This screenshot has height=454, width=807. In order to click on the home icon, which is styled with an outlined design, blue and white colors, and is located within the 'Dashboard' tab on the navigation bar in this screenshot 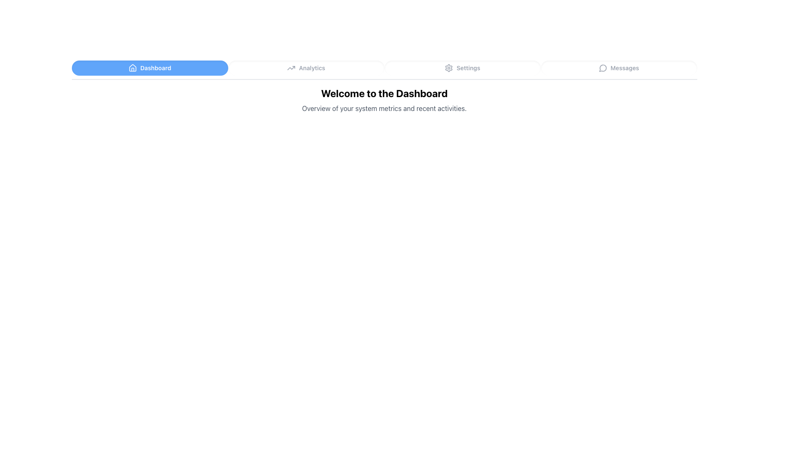, I will do `click(132, 68)`.